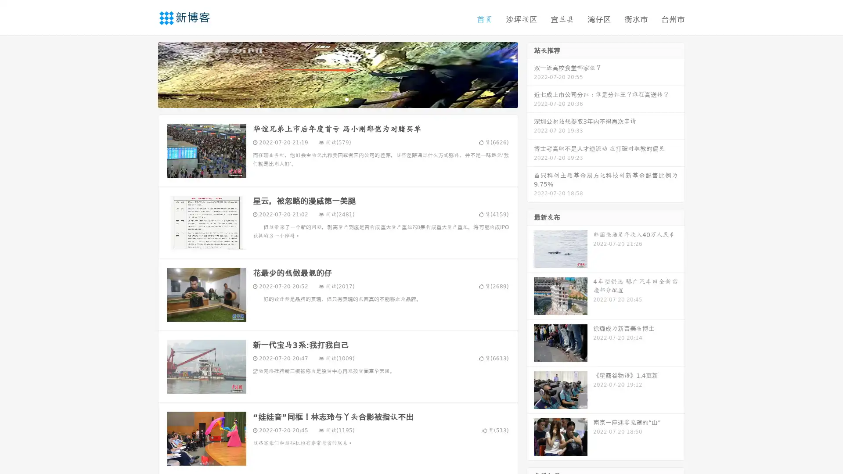 Image resolution: width=843 pixels, height=474 pixels. I want to click on Go to slide 3, so click(346, 99).